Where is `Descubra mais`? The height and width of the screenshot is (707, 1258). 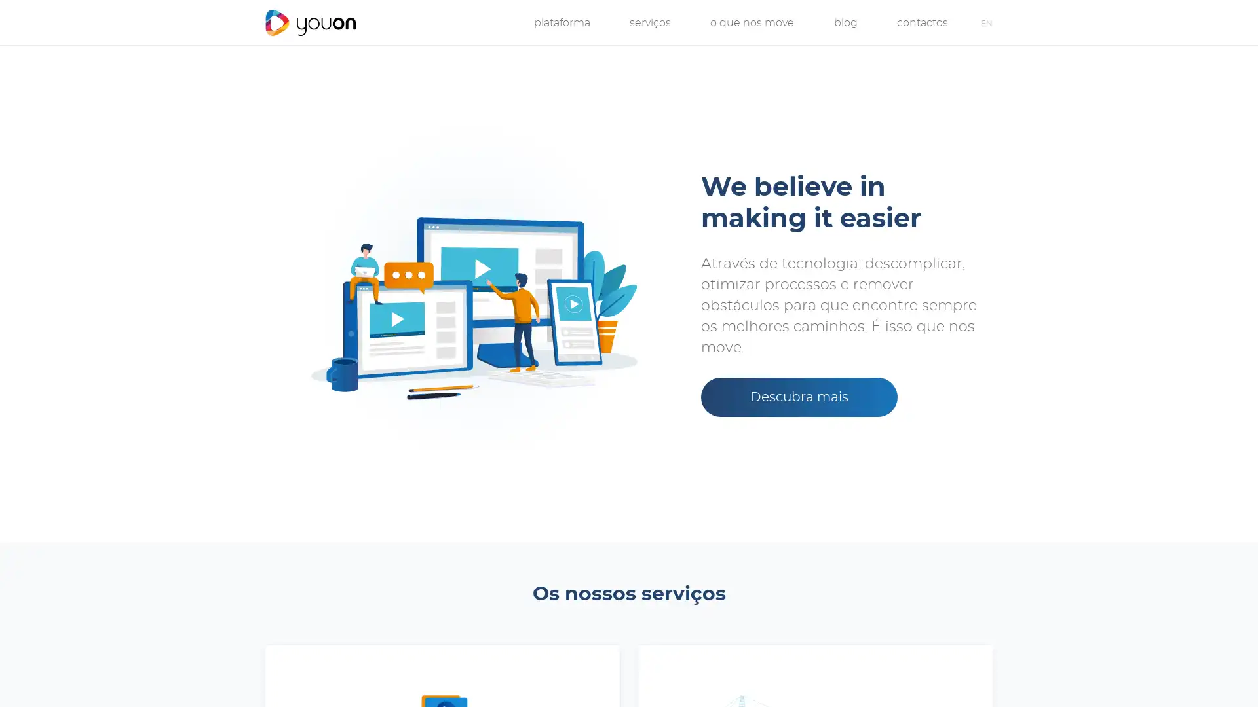 Descubra mais is located at coordinates (798, 396).